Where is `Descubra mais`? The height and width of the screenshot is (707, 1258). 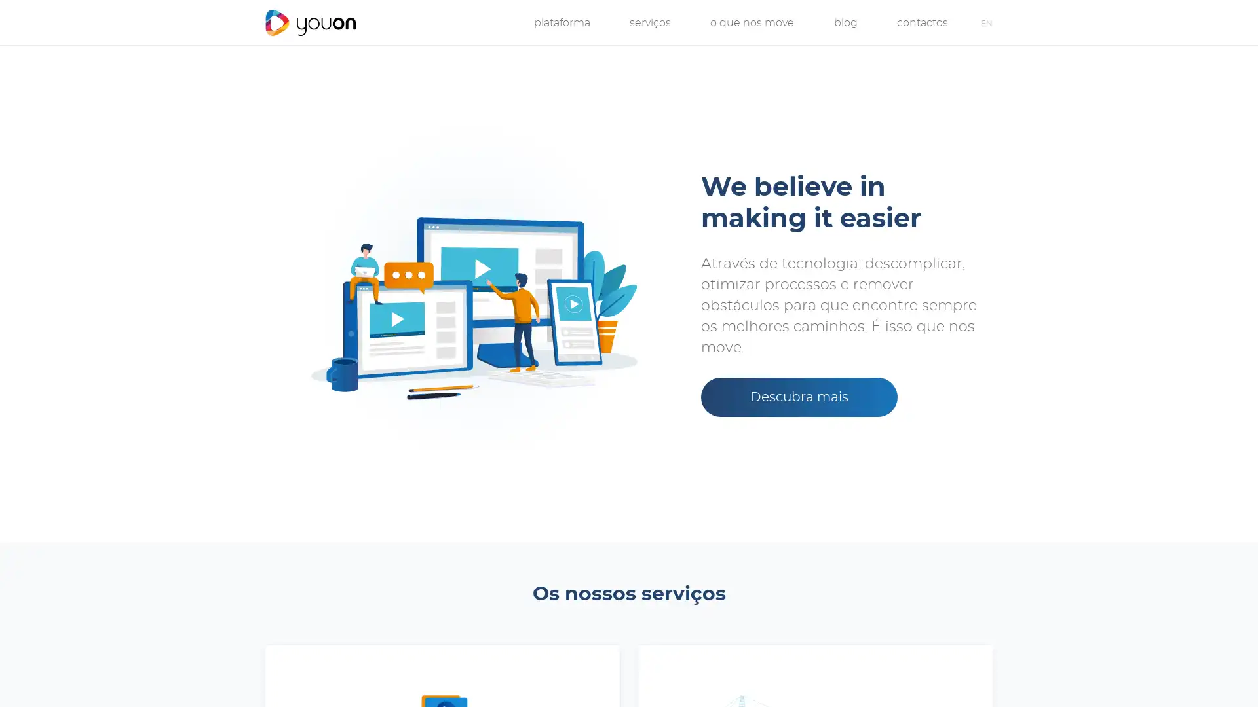 Descubra mais is located at coordinates (798, 396).